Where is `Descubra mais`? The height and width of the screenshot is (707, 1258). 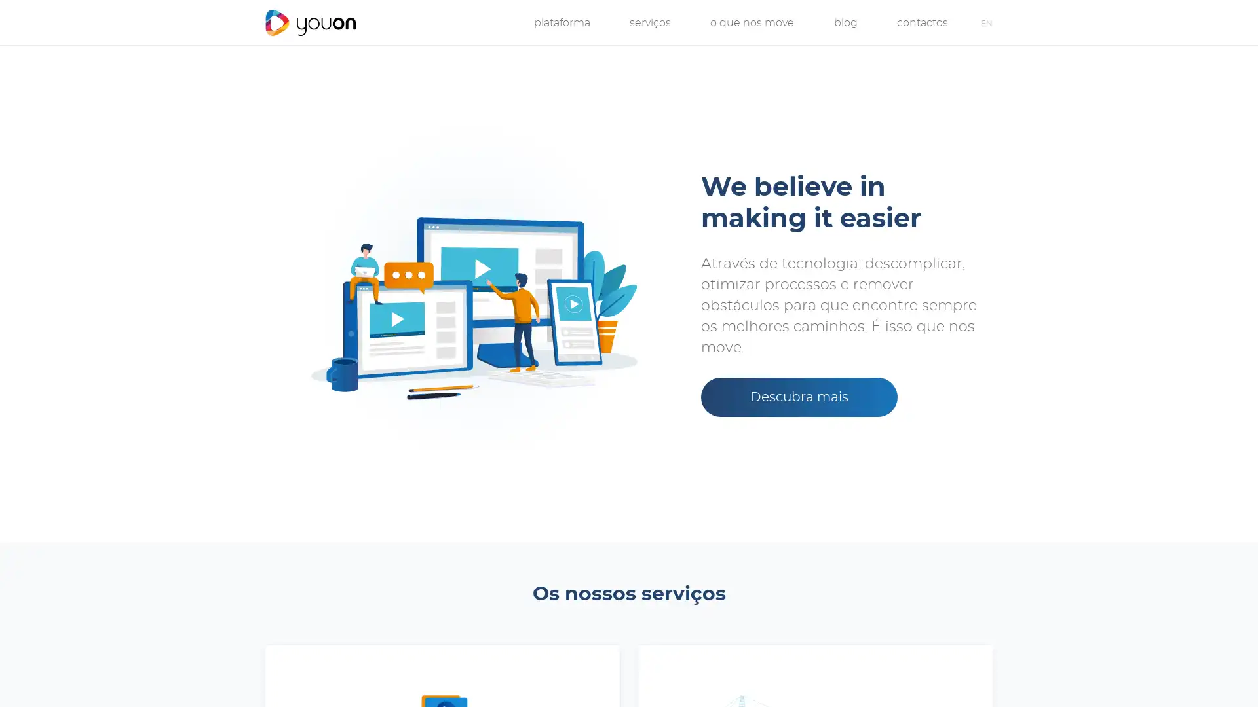 Descubra mais is located at coordinates (798, 396).